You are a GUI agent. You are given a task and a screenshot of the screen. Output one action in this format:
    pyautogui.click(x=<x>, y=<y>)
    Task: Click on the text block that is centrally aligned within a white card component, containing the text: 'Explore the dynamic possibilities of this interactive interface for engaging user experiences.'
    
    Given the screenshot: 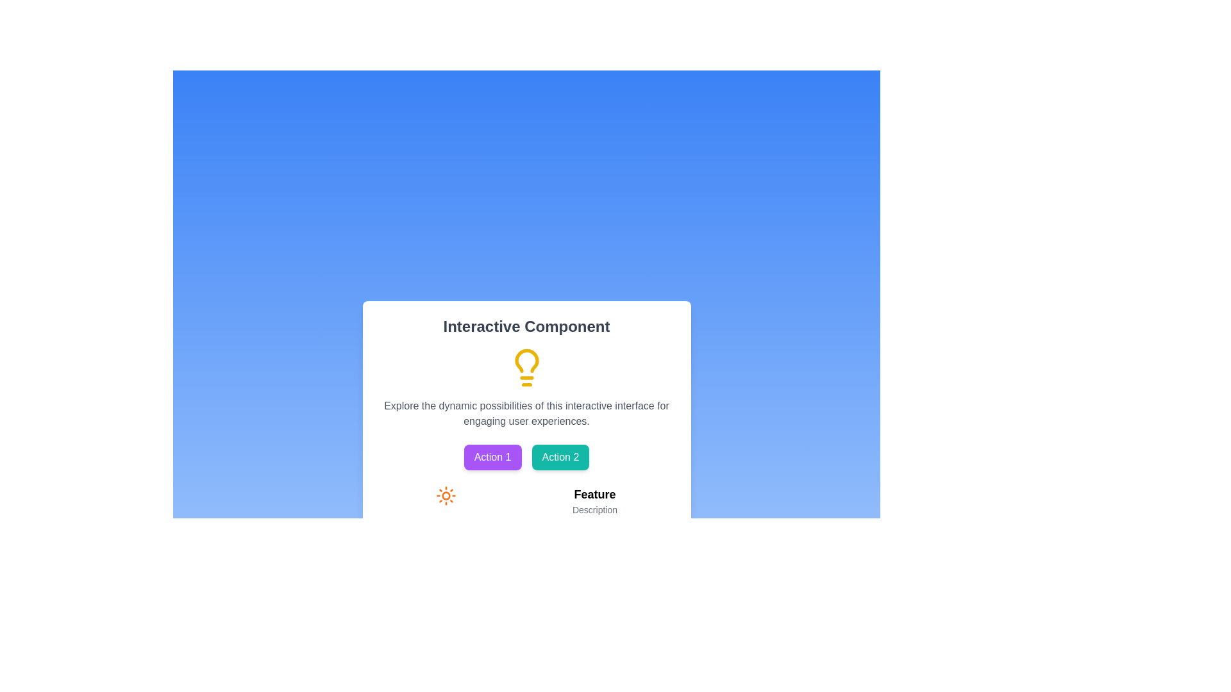 What is the action you would take?
    pyautogui.click(x=526, y=413)
    